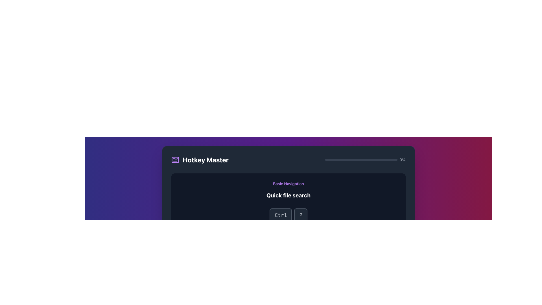 The image size is (542, 305). Describe the element at coordinates (361, 160) in the screenshot. I see `the progress bar, which is visually represented as a horizontal indicator next to the textual indicator labeled '0%'` at that location.